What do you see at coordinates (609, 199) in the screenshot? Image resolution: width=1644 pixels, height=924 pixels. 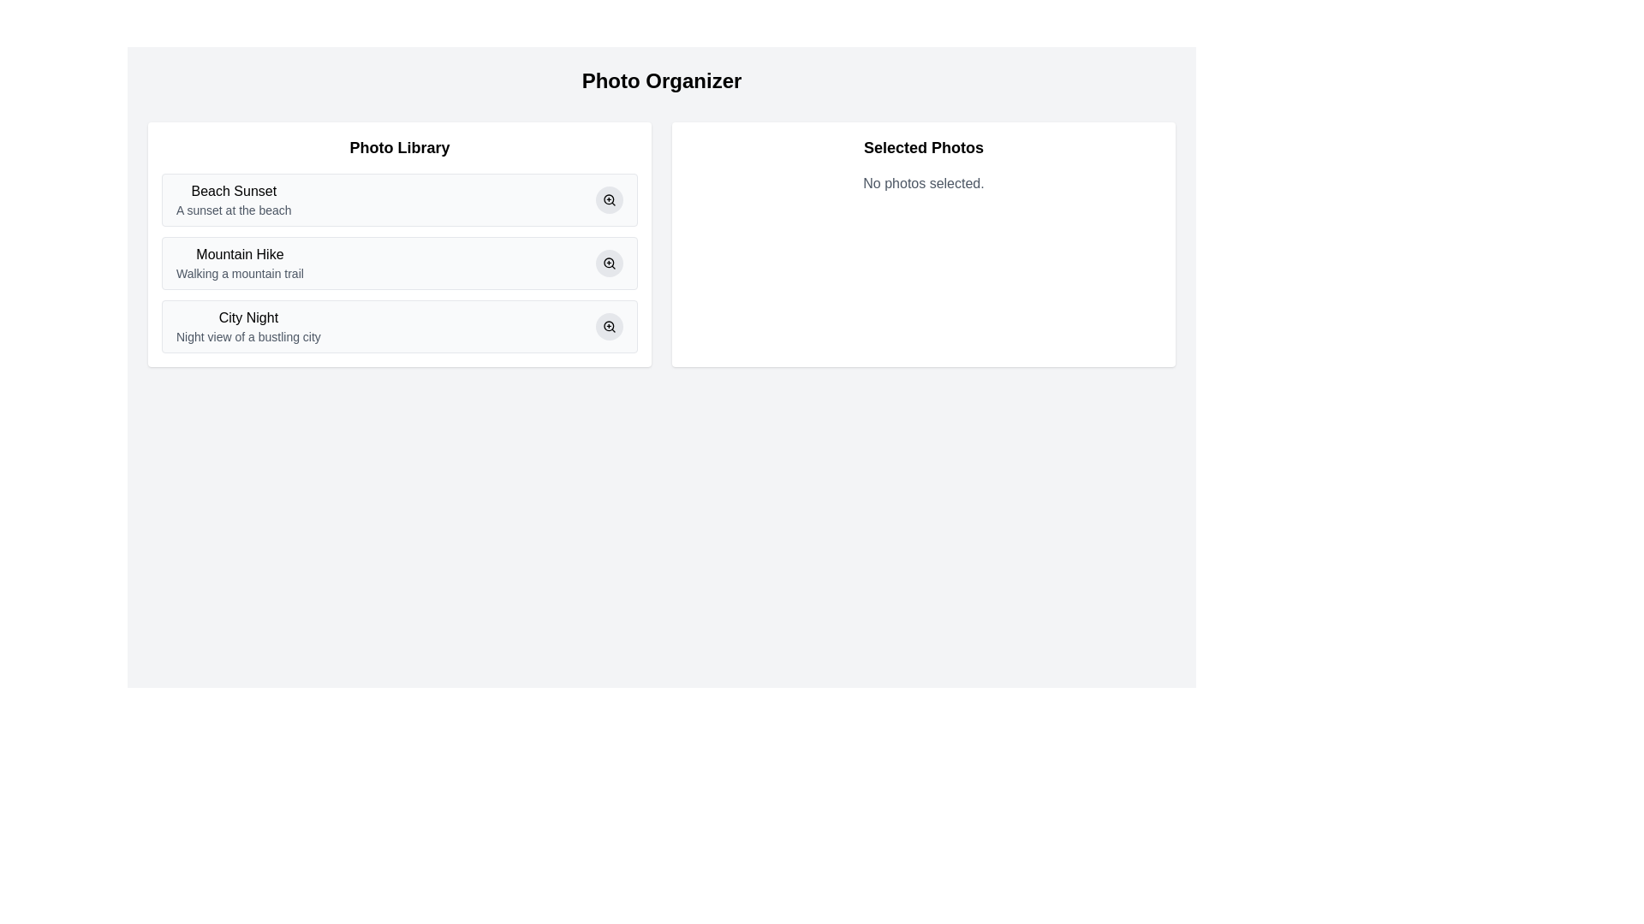 I see `the button located to the right of the 'Beach Sunset' list item in the 'Photo Library' panel to zoom or view the 'Beach Sunset' image in detail` at bounding box center [609, 199].